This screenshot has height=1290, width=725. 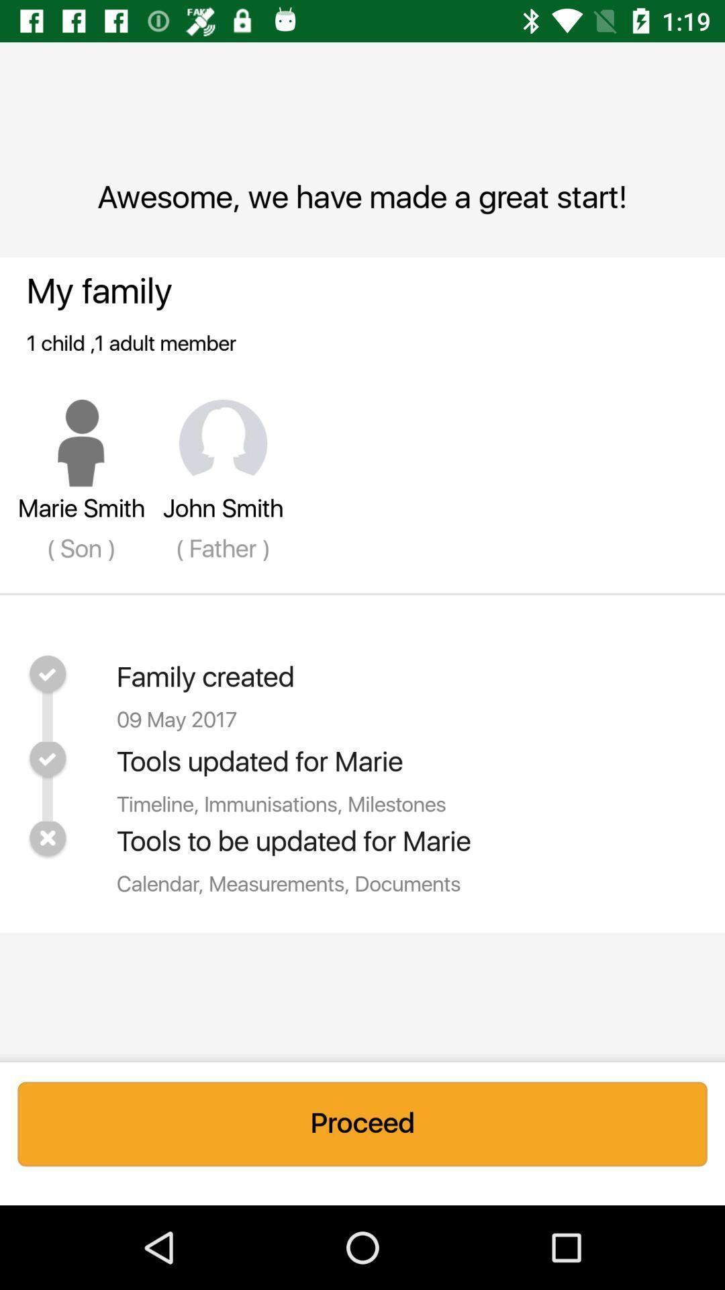 What do you see at coordinates (362, 1124) in the screenshot?
I see `item below calendar, measurements, documents` at bounding box center [362, 1124].